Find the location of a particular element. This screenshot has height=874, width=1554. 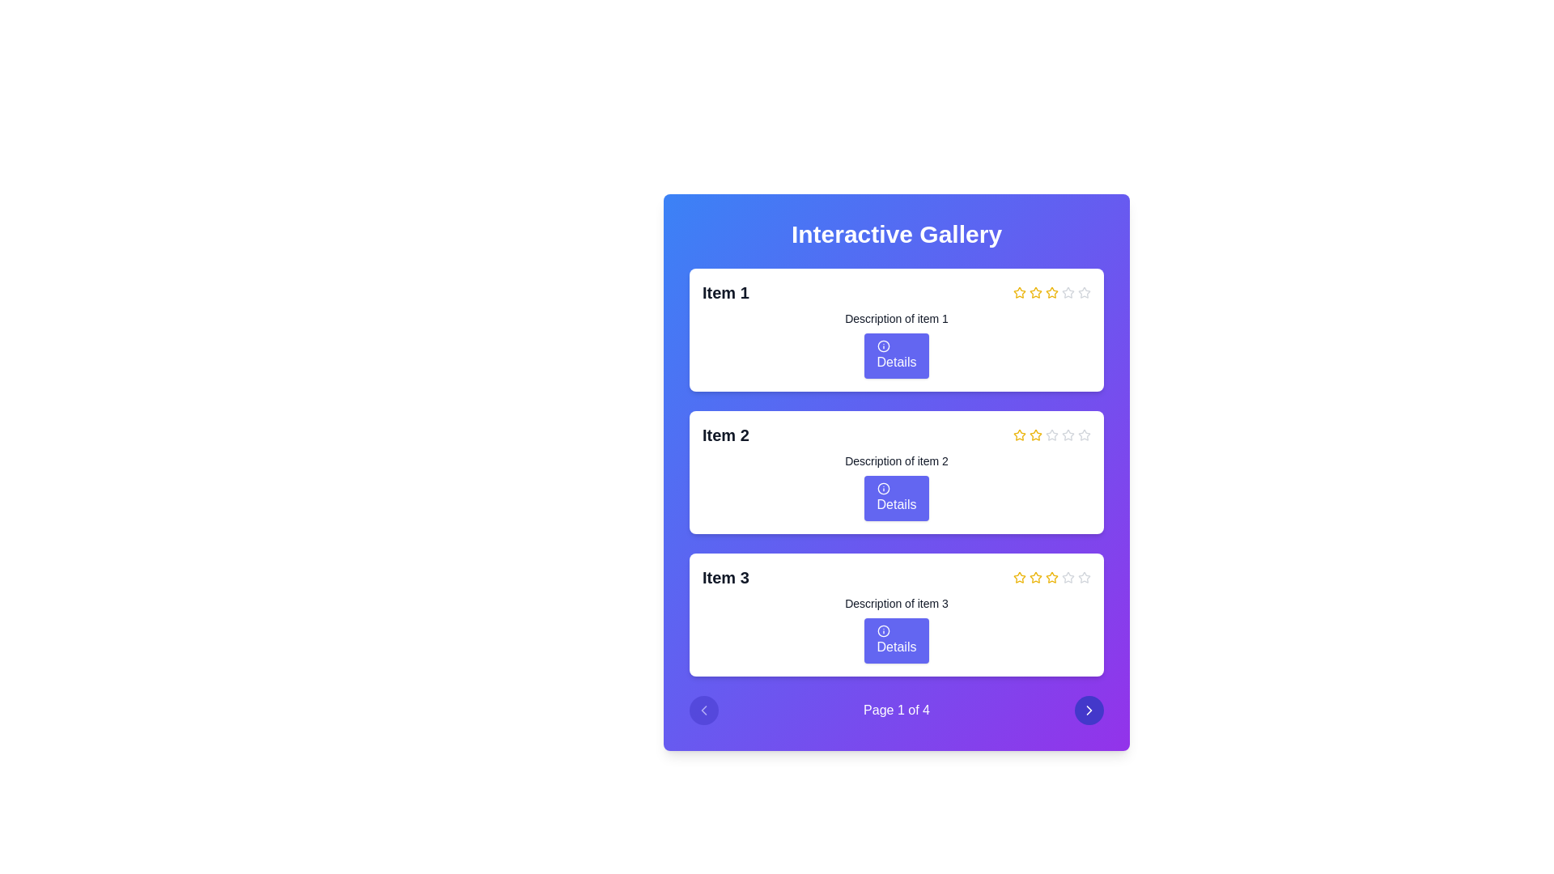

the yellow star icon that is the second in a row of five stars is located at coordinates (1018, 434).